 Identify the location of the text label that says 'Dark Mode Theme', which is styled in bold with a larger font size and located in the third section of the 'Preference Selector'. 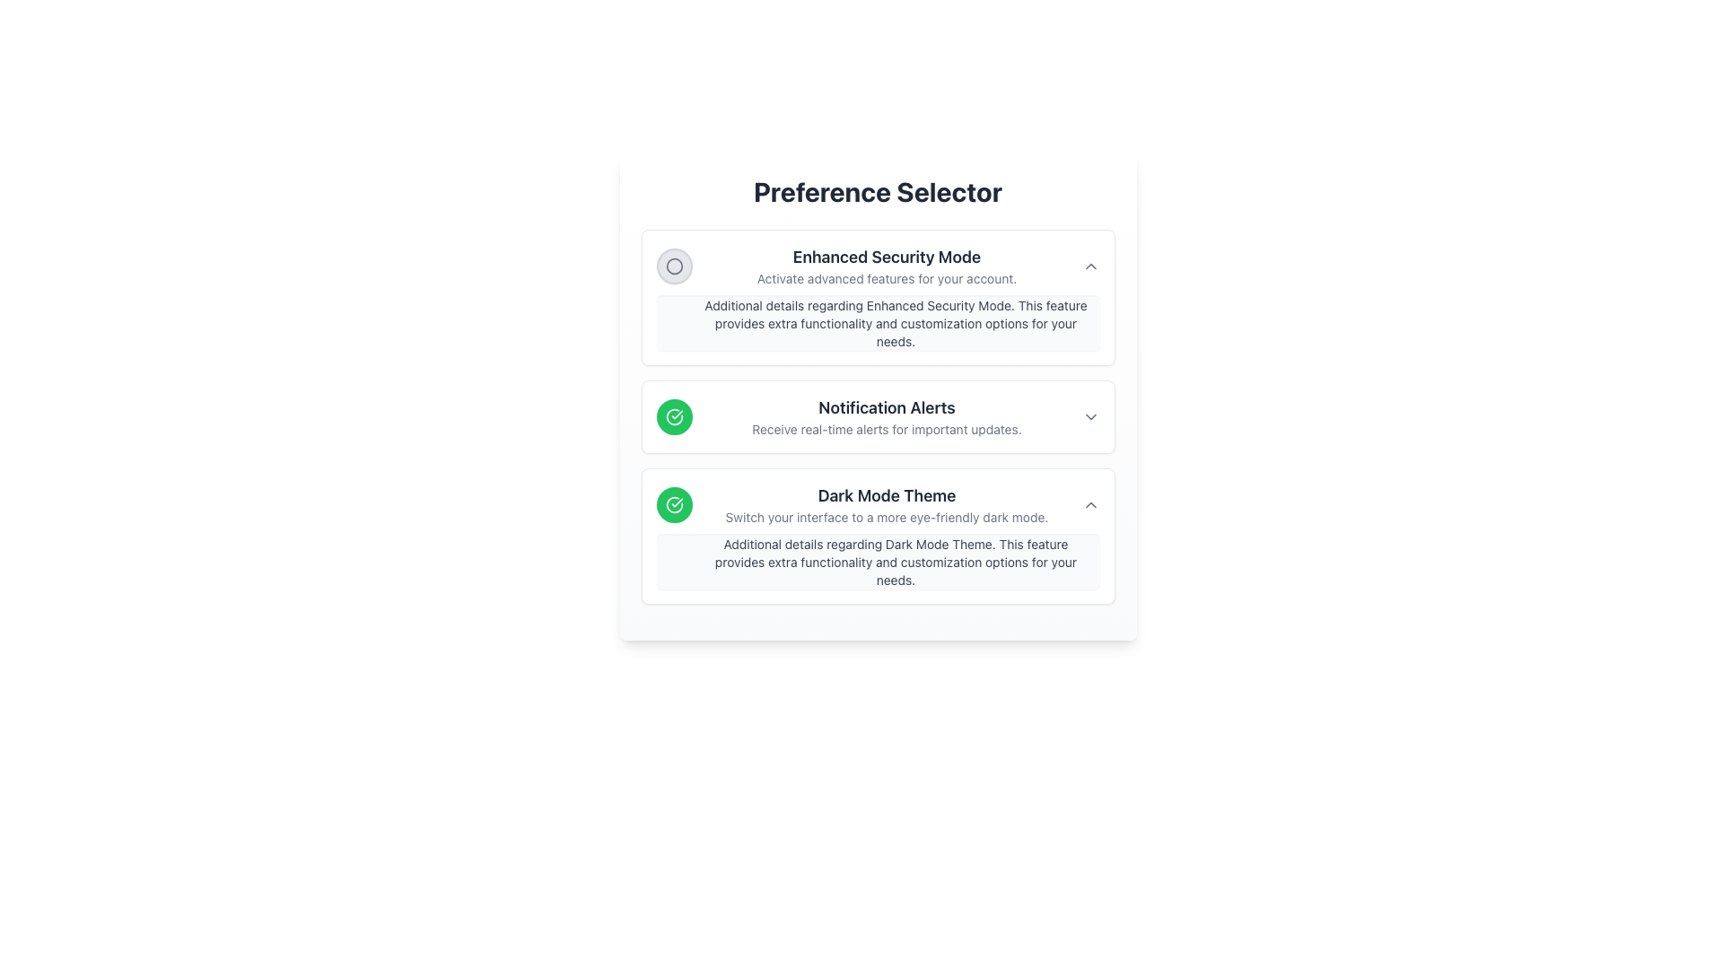
(887, 495).